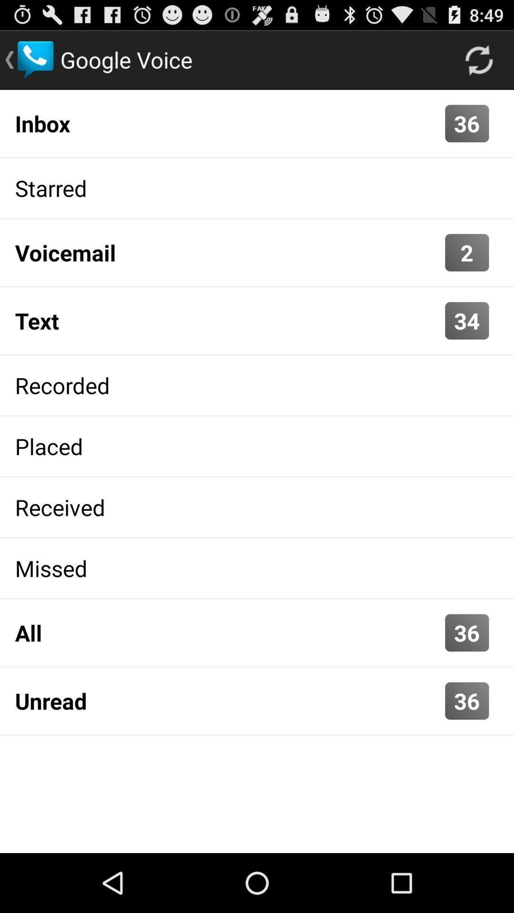  What do you see at coordinates (227, 632) in the screenshot?
I see `item next to the 36 icon` at bounding box center [227, 632].